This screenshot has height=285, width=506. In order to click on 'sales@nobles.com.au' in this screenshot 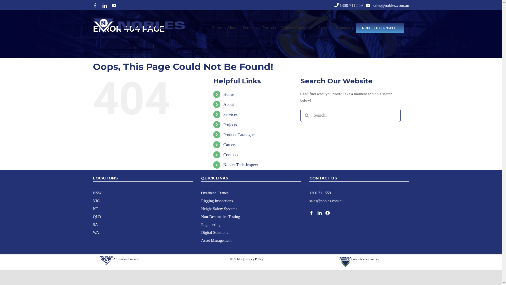, I will do `click(372, 5)`.